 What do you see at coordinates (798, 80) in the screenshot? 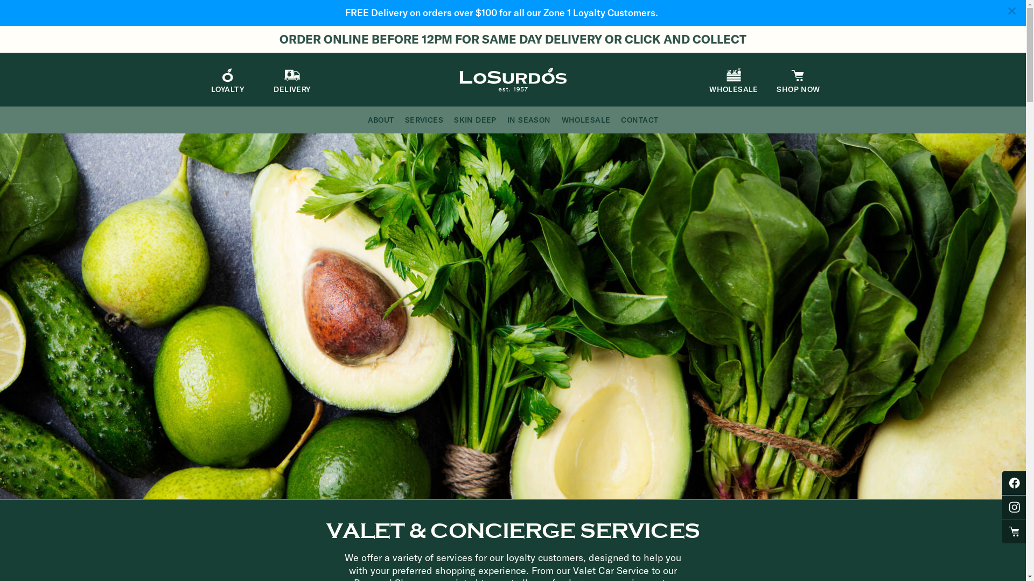
I see `'SHOP NOW'` at bounding box center [798, 80].